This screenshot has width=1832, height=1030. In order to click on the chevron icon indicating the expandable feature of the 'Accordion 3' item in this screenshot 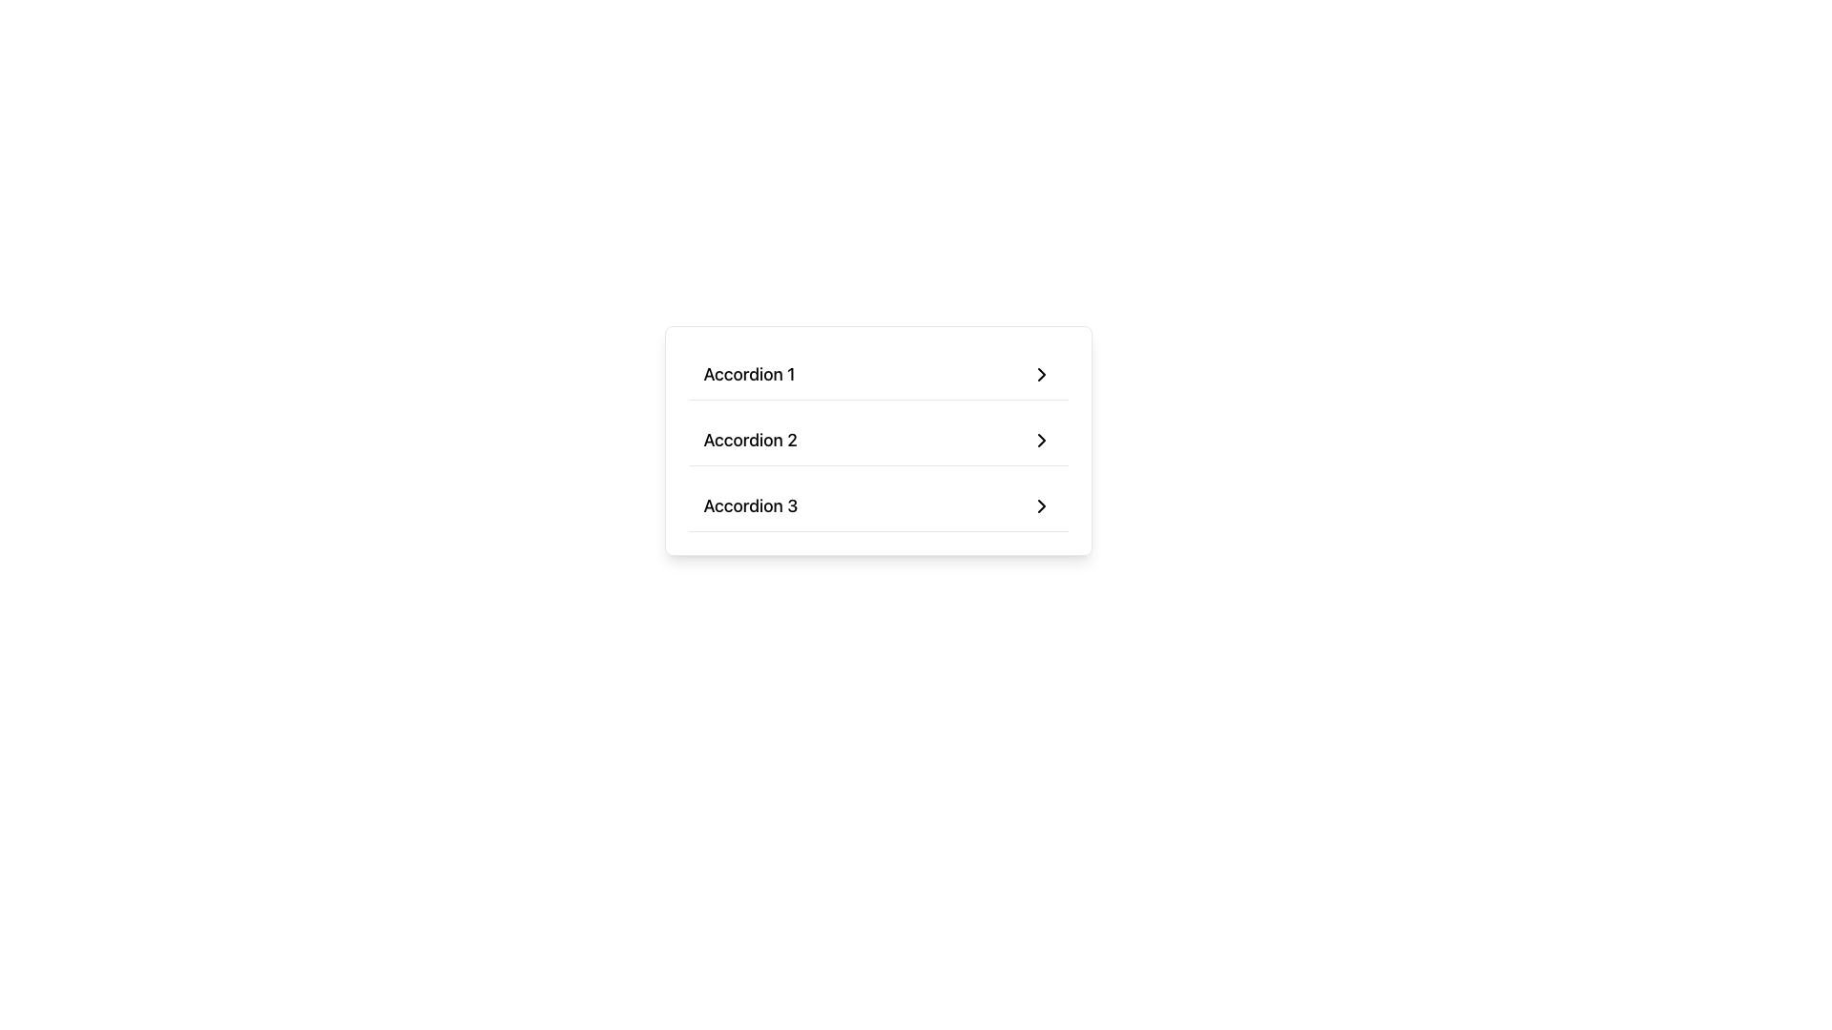, I will do `click(1040, 505)`.